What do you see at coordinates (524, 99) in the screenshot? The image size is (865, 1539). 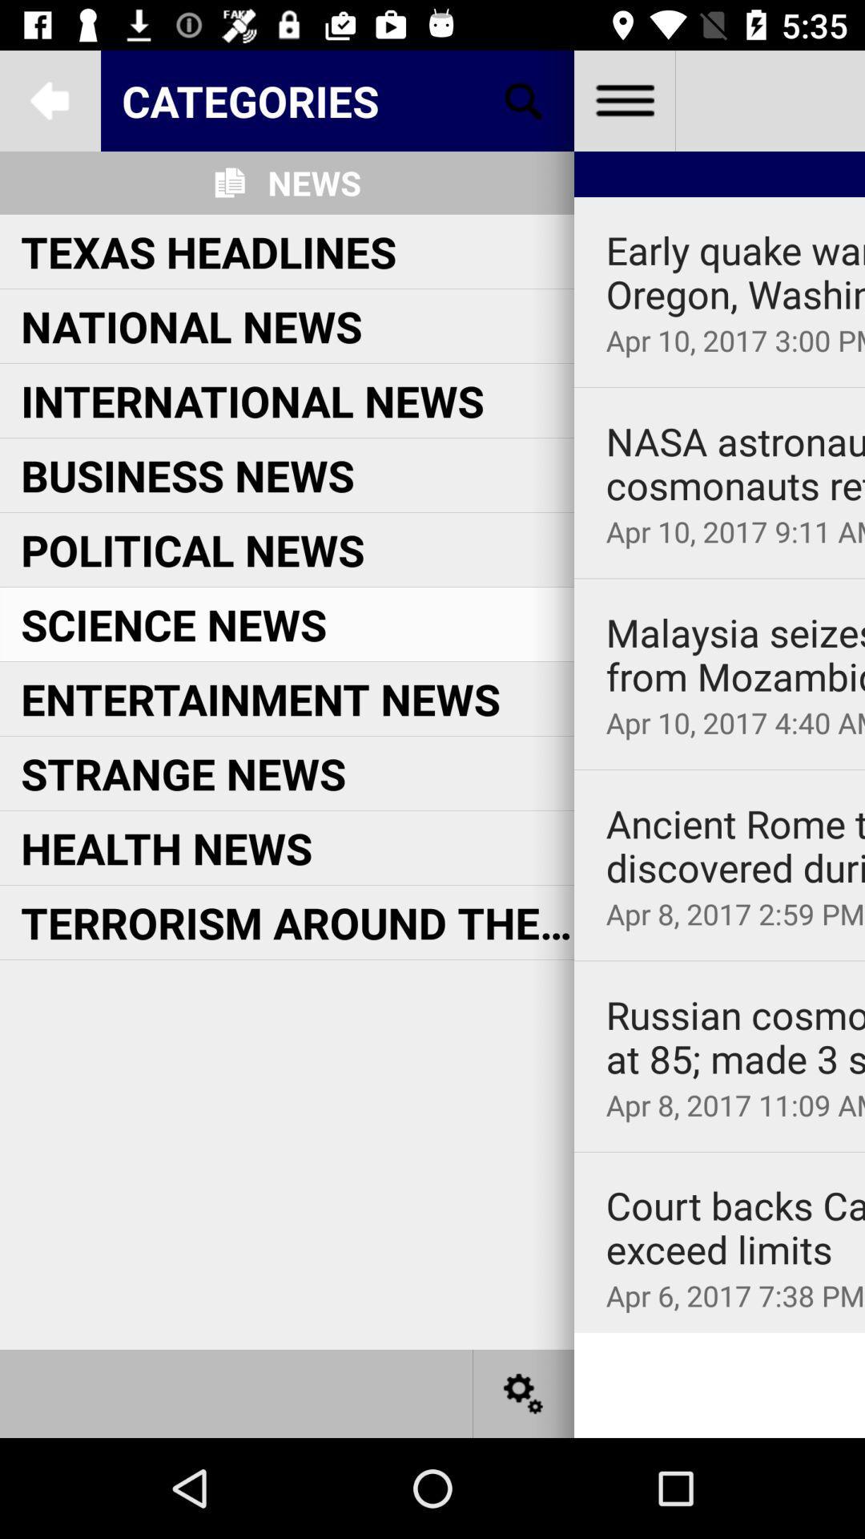 I see `search icon at top` at bounding box center [524, 99].